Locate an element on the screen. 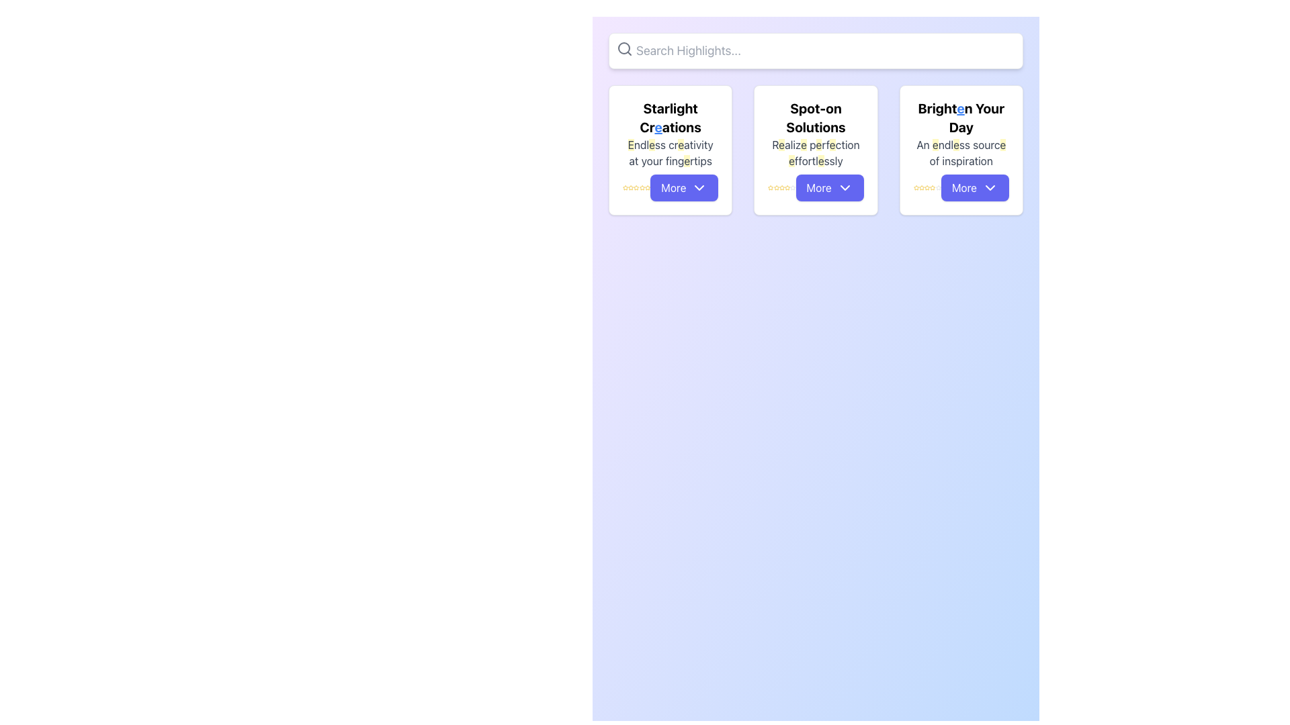  the static text 'ction,' which is part of the phrase 'Realize perfection effortlessly' located in the second card of the interface is located at coordinates (847, 145).